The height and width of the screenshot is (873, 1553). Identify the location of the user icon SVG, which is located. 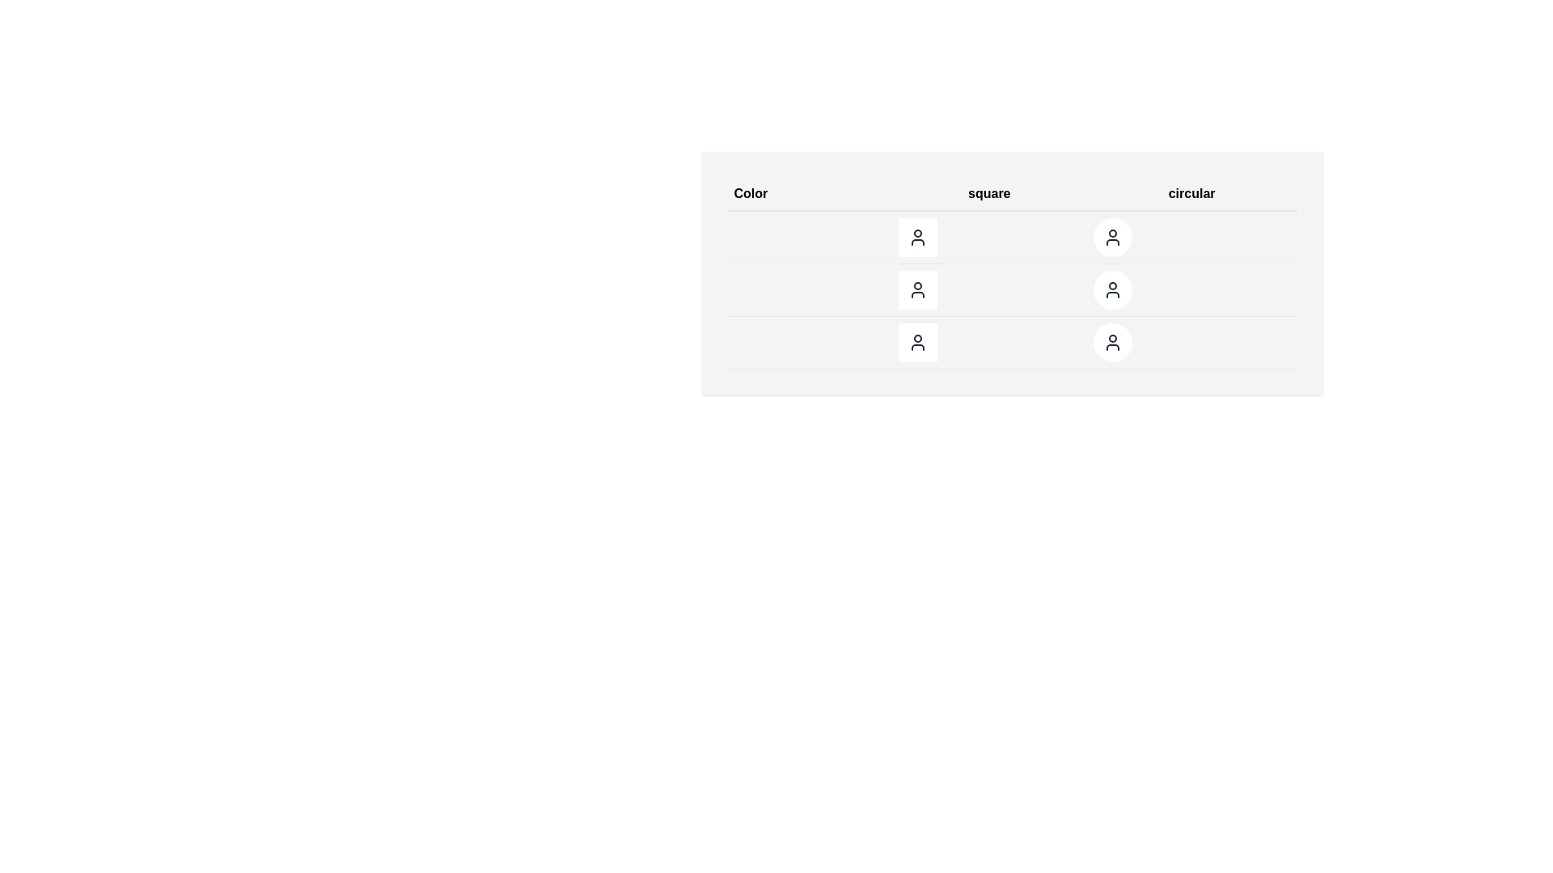
(917, 342).